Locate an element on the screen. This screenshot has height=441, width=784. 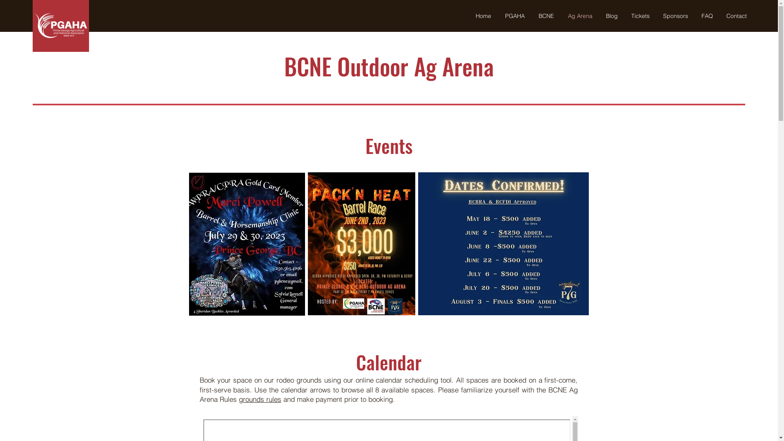
'Ag Arena' is located at coordinates (579, 16).